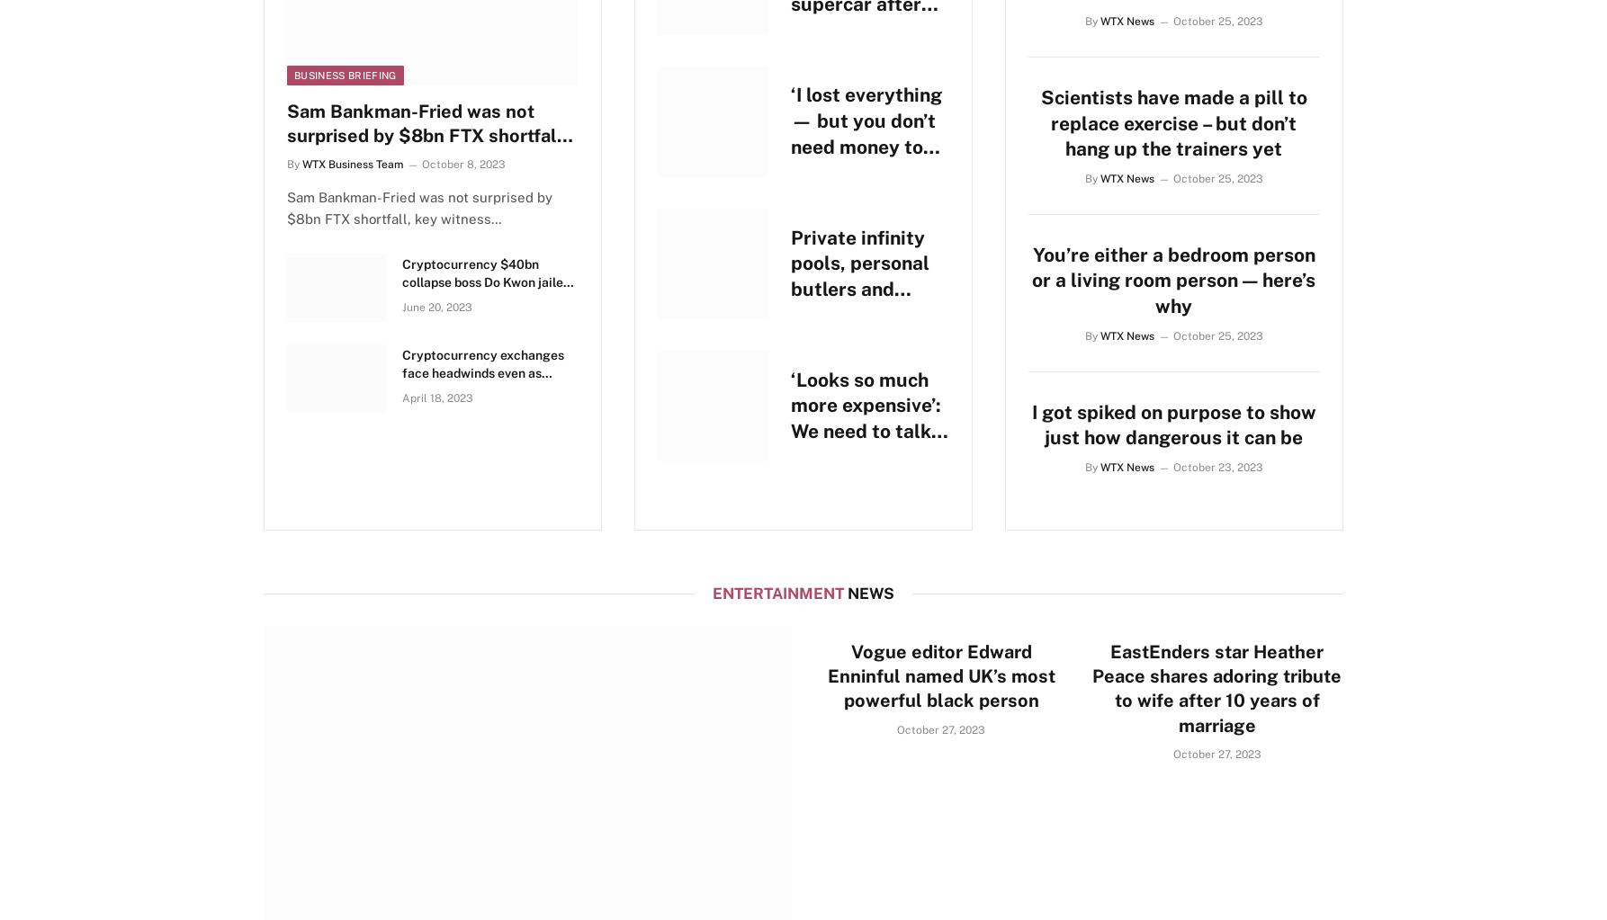 This screenshot has height=920, width=1607. What do you see at coordinates (790, 326) in the screenshot?
I see `'Private infinity pools, personal butlers and bathtubs for two – a peek inside Bali’s most exclusive celebrity hotels'` at bounding box center [790, 326].